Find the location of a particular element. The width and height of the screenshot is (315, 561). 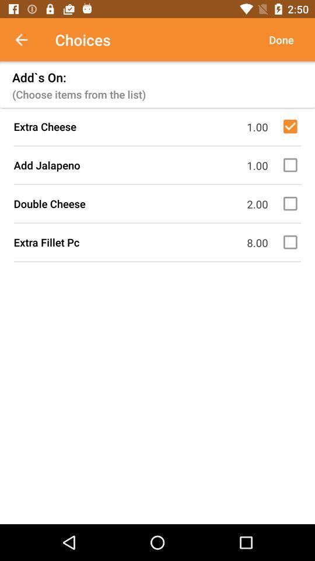

this is food items is located at coordinates (292, 164).